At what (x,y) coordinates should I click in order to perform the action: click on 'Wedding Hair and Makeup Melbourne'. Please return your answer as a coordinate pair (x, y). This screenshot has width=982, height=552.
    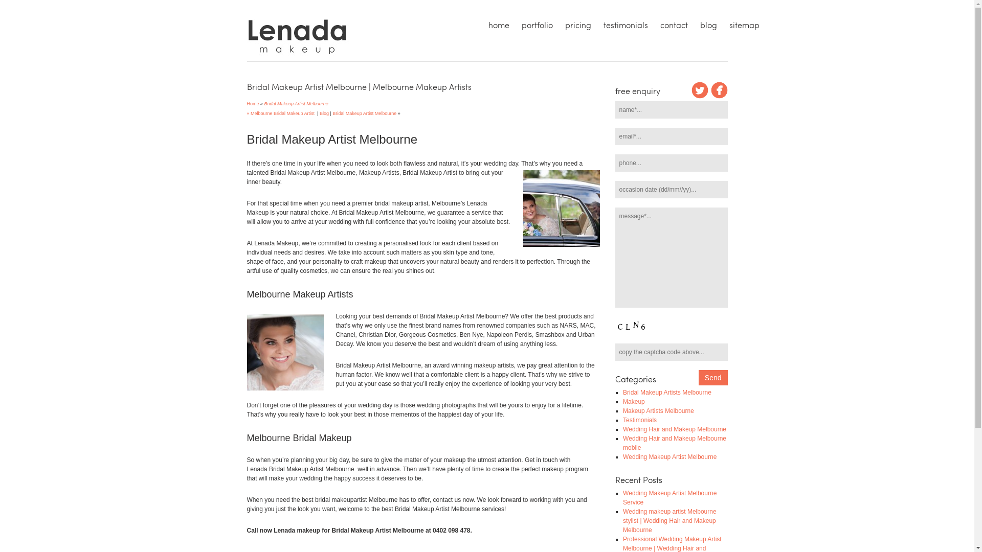
    Looking at the image, I should click on (675, 429).